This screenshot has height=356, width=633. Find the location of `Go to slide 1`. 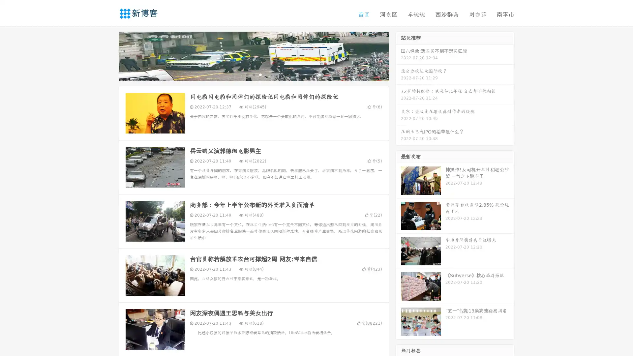

Go to slide 1 is located at coordinates (247, 74).